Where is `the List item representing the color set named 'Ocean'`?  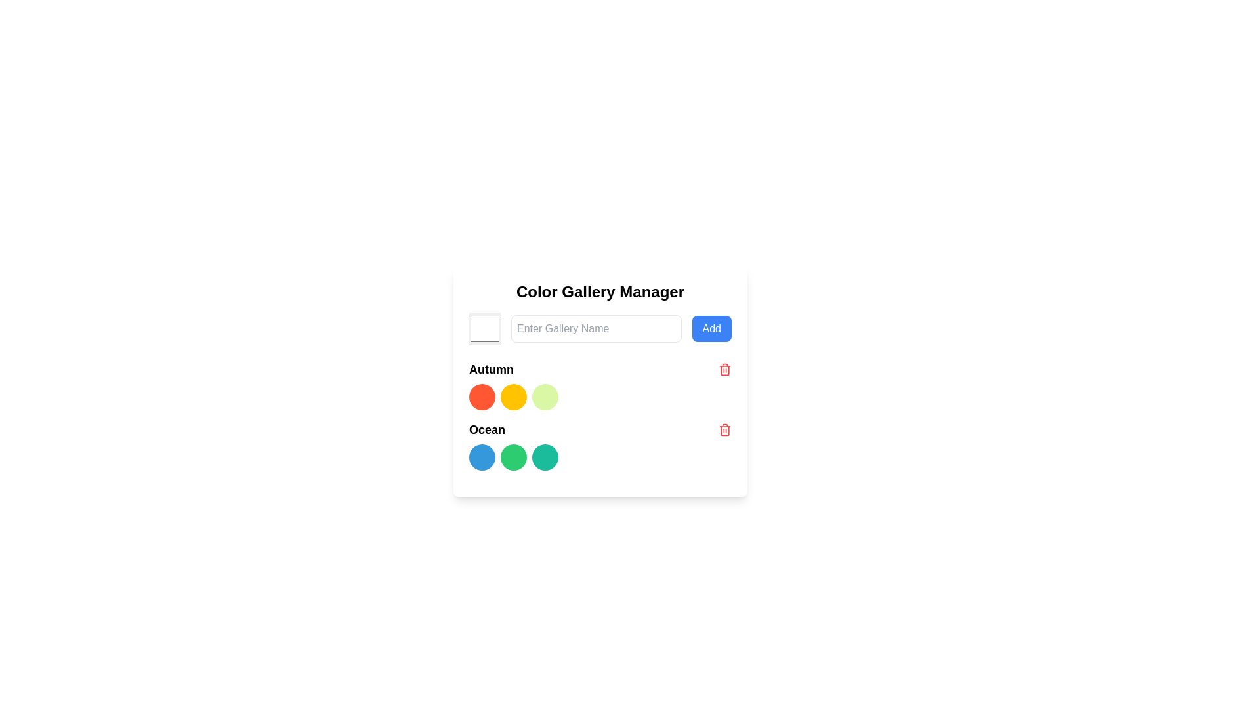 the List item representing the color set named 'Ocean' is located at coordinates (600, 430).